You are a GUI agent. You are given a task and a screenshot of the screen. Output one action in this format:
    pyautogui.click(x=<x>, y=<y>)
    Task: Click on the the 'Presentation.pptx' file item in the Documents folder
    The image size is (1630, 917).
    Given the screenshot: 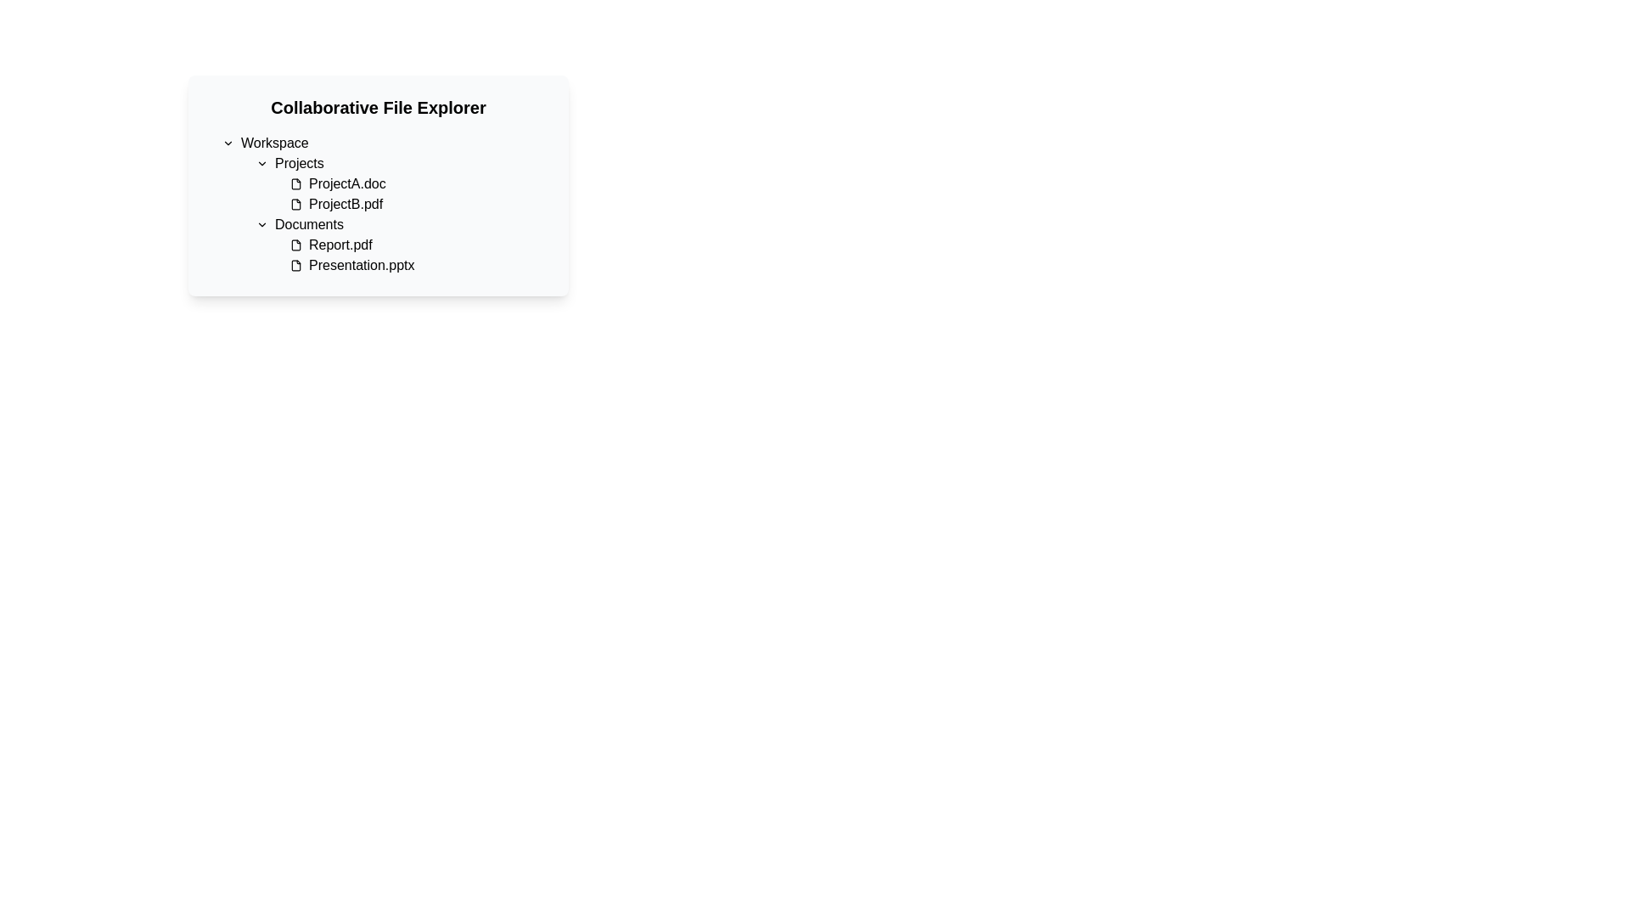 What is the action you would take?
    pyautogui.click(x=419, y=265)
    